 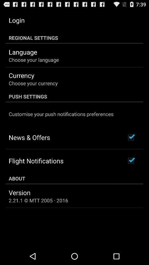 What do you see at coordinates (74, 178) in the screenshot?
I see `the about at the bottom` at bounding box center [74, 178].